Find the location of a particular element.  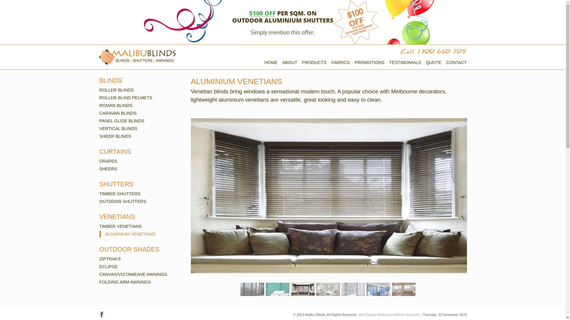

'Malibu Blinds on Facebook' is located at coordinates (101, 314).